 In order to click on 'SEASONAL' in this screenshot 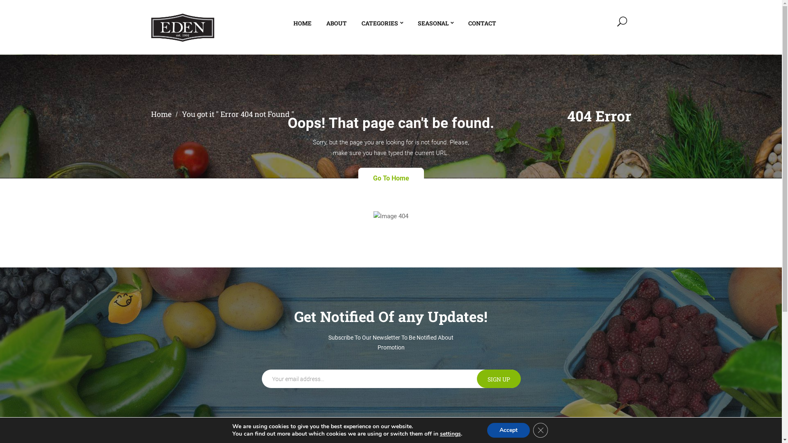, I will do `click(435, 23)`.